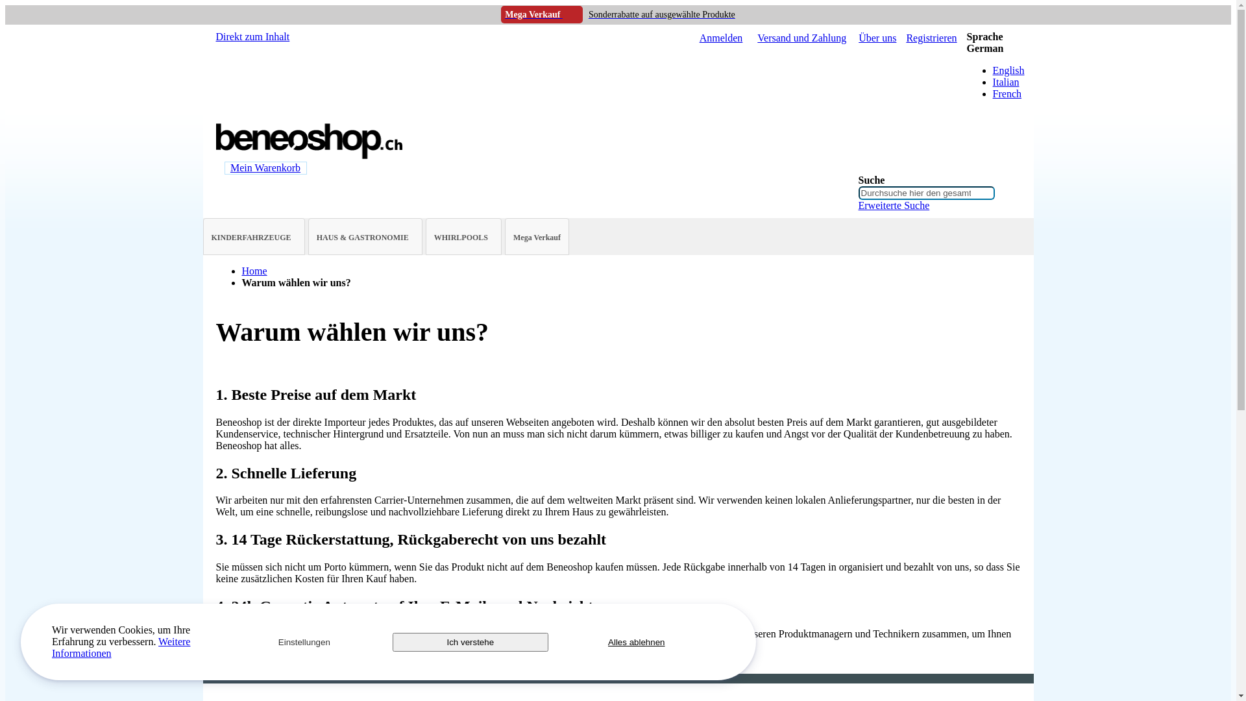  Describe the element at coordinates (308, 154) in the screenshot. I see `'BeneoShop.ch'` at that location.